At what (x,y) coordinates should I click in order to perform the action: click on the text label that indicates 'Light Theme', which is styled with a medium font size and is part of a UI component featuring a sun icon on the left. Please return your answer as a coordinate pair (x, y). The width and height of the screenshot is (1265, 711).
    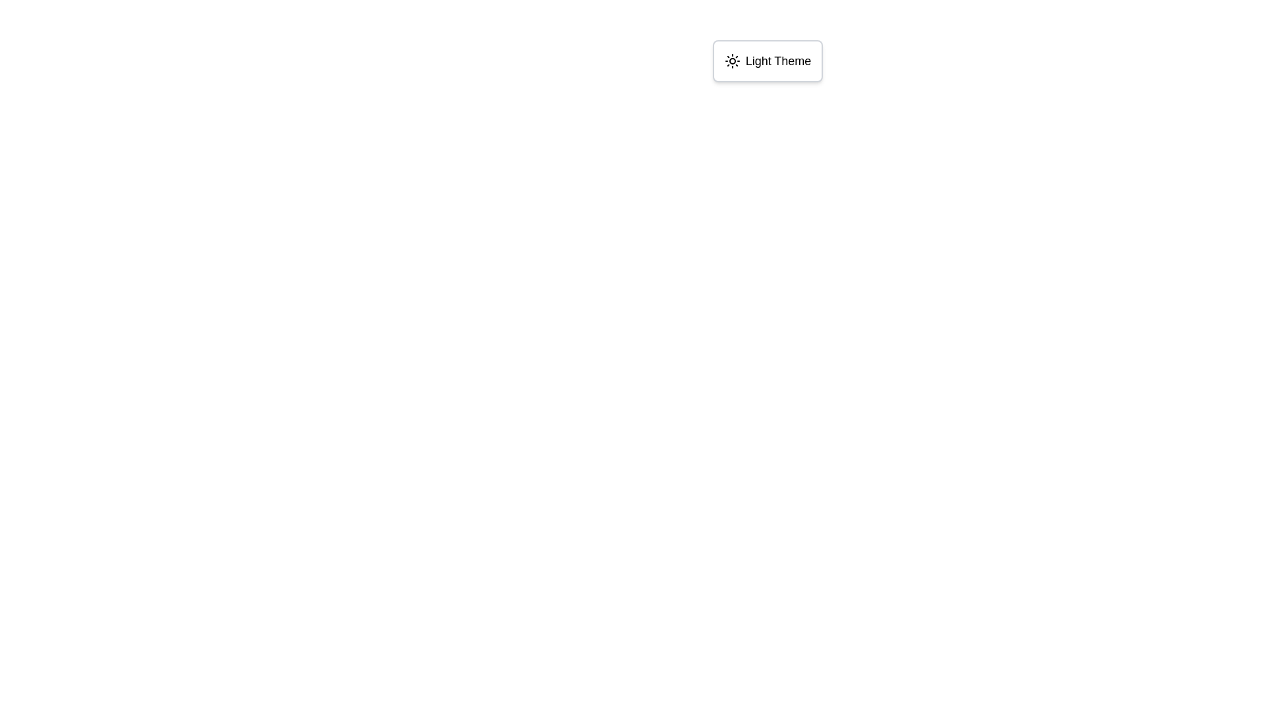
    Looking at the image, I should click on (778, 61).